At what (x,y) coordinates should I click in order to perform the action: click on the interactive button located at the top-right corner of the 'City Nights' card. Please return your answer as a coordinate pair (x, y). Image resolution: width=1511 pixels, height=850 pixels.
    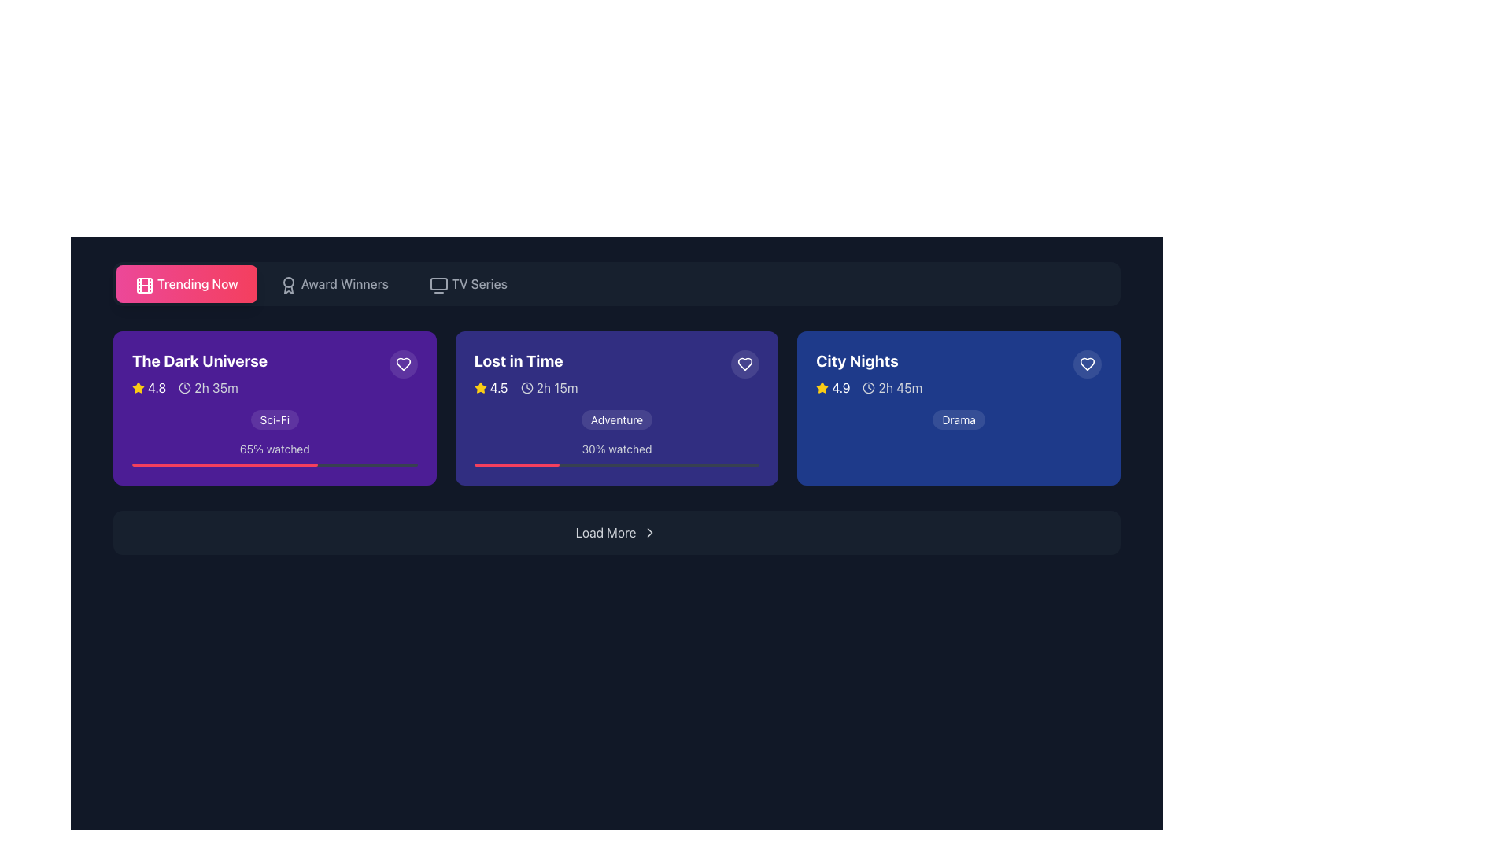
    Looking at the image, I should click on (1087, 364).